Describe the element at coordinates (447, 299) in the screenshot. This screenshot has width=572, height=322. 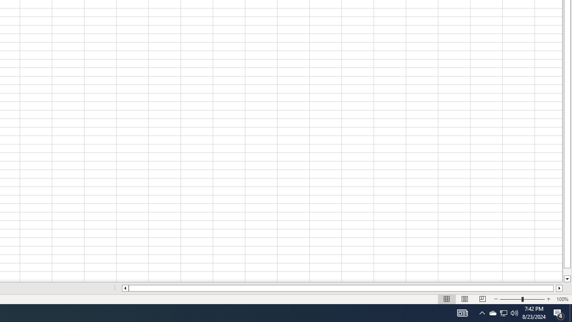
I see `'Normal'` at that location.